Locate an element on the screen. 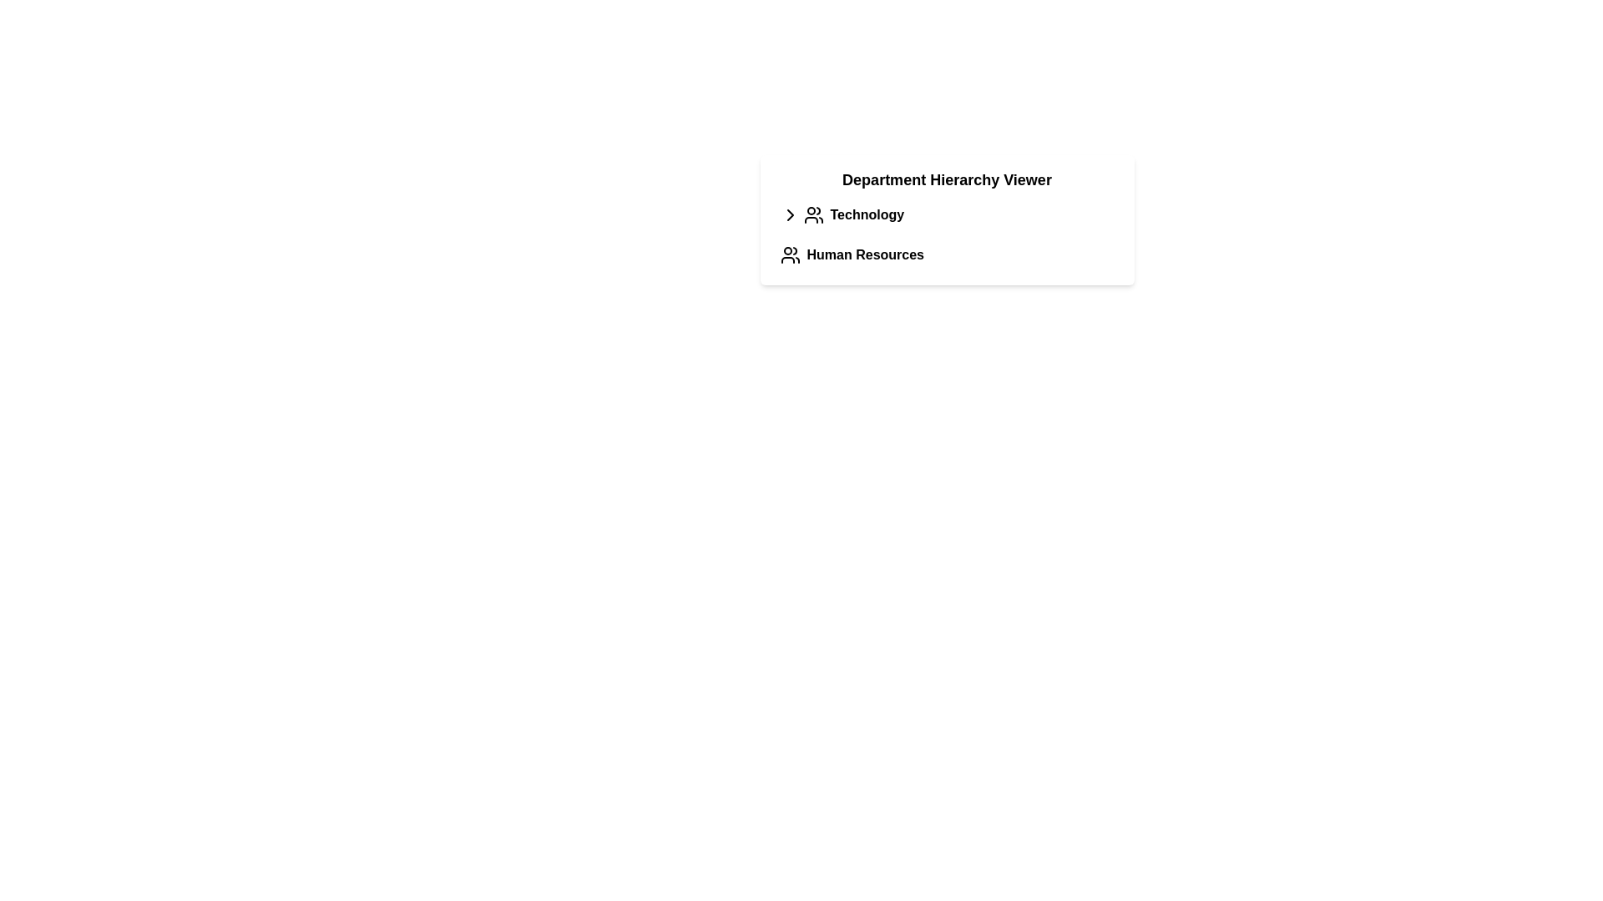 The width and height of the screenshot is (1603, 901). text label 'Human Resources' displayed in bold black font located in the second row of the 'Department Hierarchy Viewer' menu, adjacent to the group icon is located at coordinates (865, 254).